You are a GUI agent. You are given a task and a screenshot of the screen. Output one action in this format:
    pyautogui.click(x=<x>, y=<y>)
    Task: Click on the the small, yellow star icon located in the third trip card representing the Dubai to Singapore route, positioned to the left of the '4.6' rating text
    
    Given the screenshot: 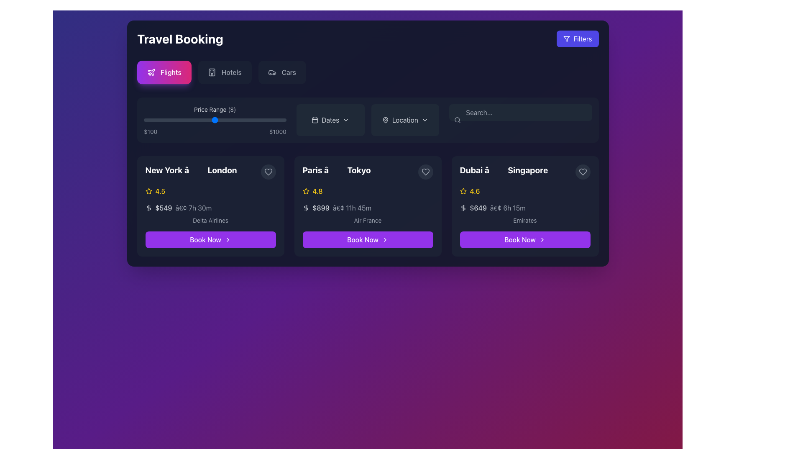 What is the action you would take?
    pyautogui.click(x=463, y=191)
    